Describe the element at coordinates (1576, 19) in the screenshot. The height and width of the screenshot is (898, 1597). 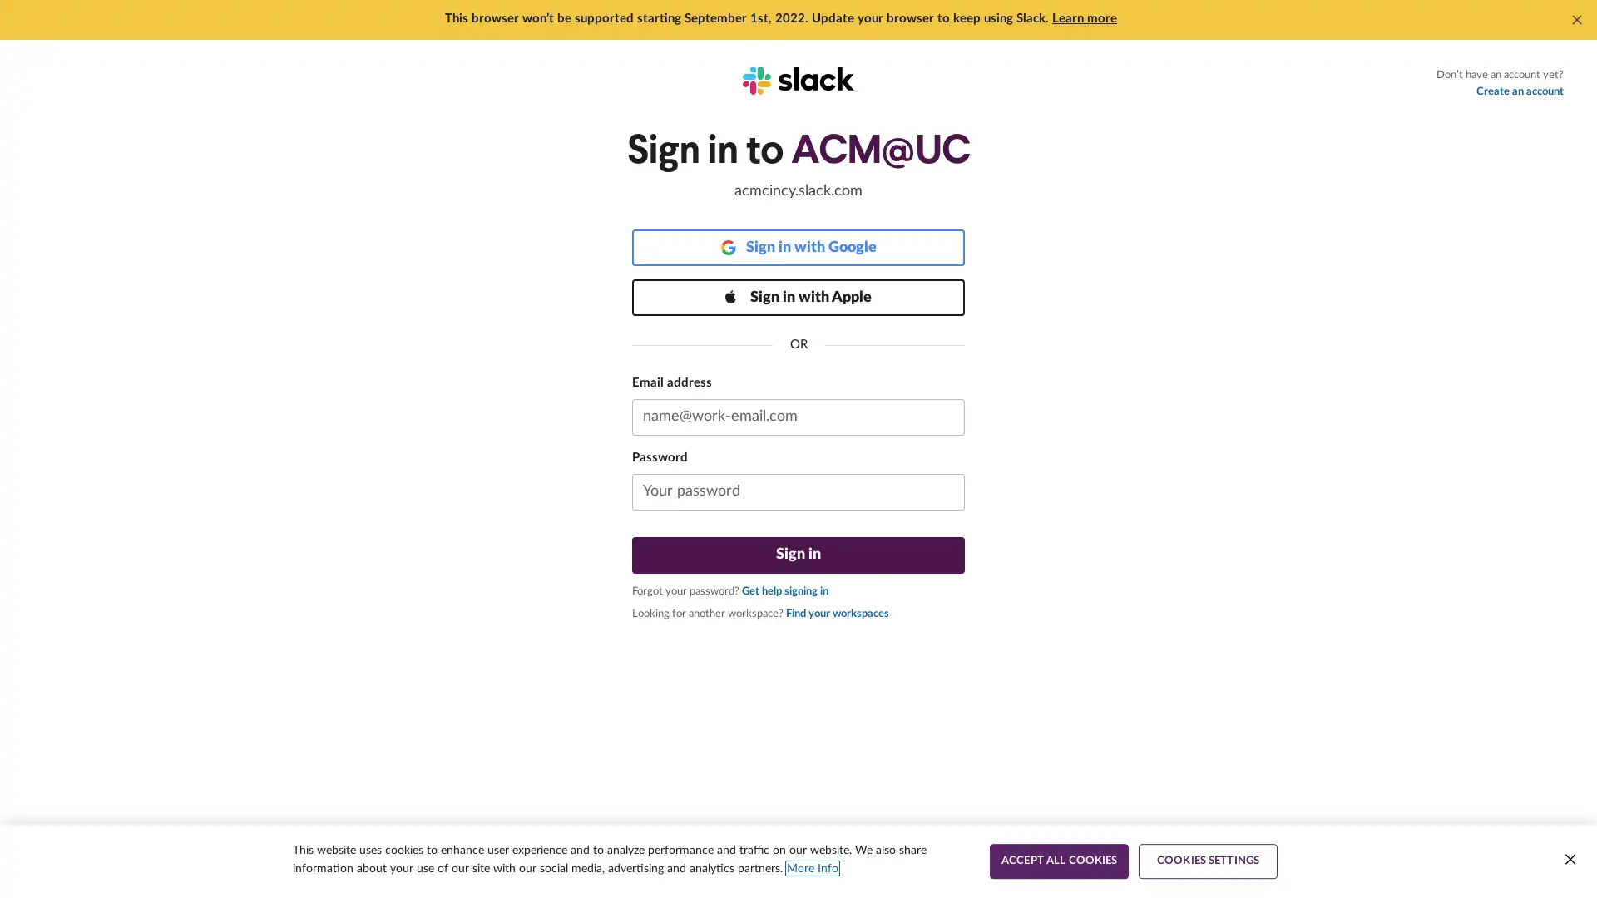
I see `Dismiss` at that location.